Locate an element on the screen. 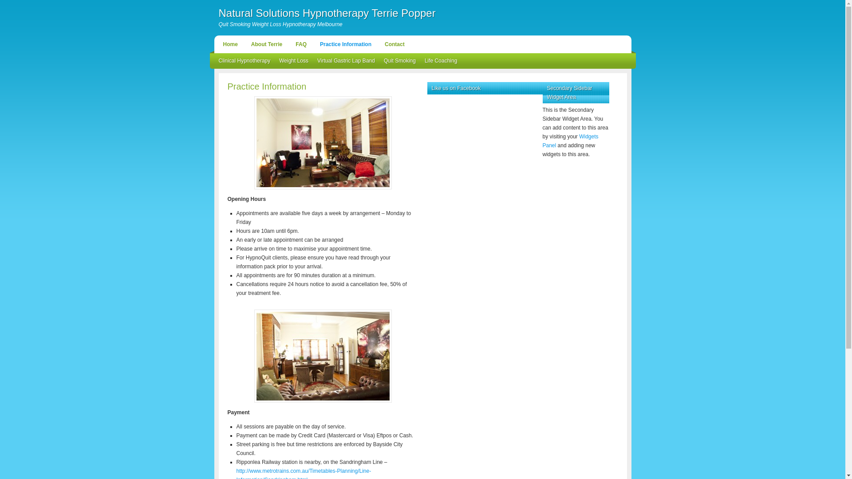 The image size is (852, 479). 'Home' is located at coordinates (218, 44).